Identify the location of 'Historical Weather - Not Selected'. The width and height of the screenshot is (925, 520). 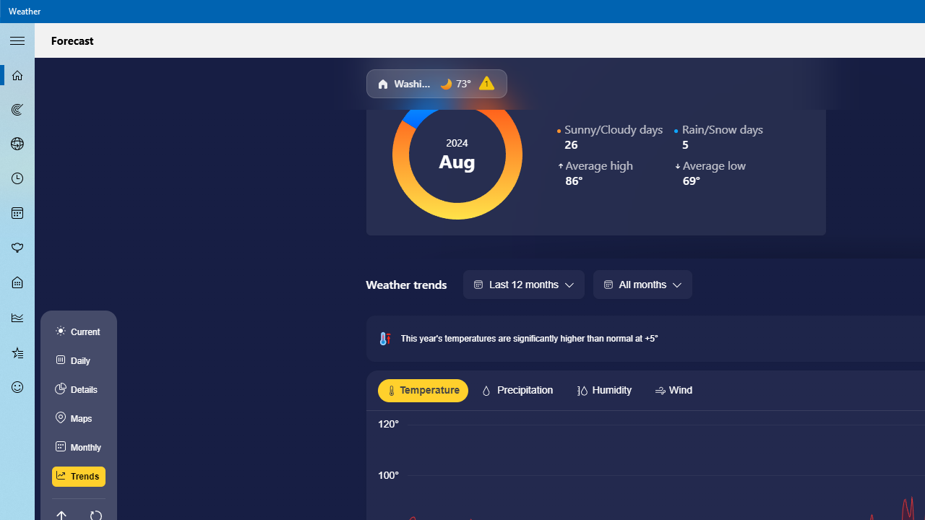
(17, 316).